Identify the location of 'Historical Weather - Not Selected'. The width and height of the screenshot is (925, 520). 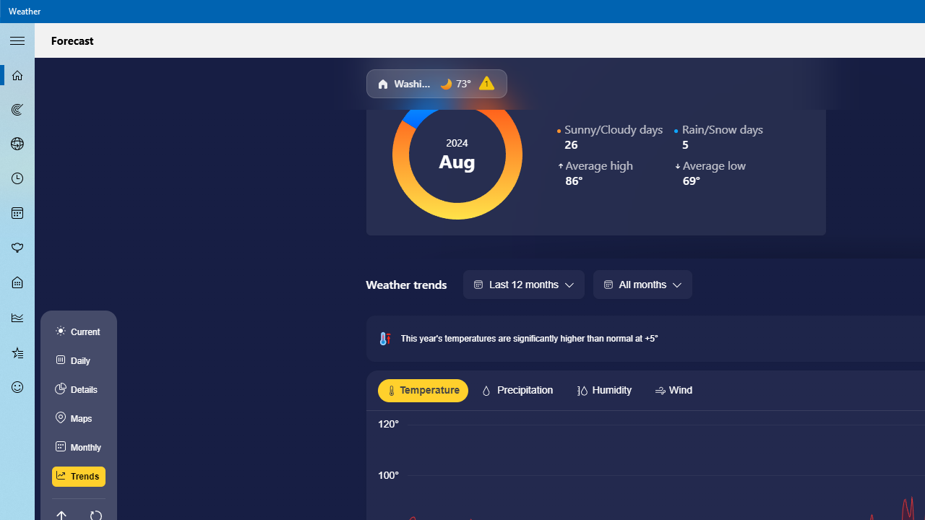
(17, 316).